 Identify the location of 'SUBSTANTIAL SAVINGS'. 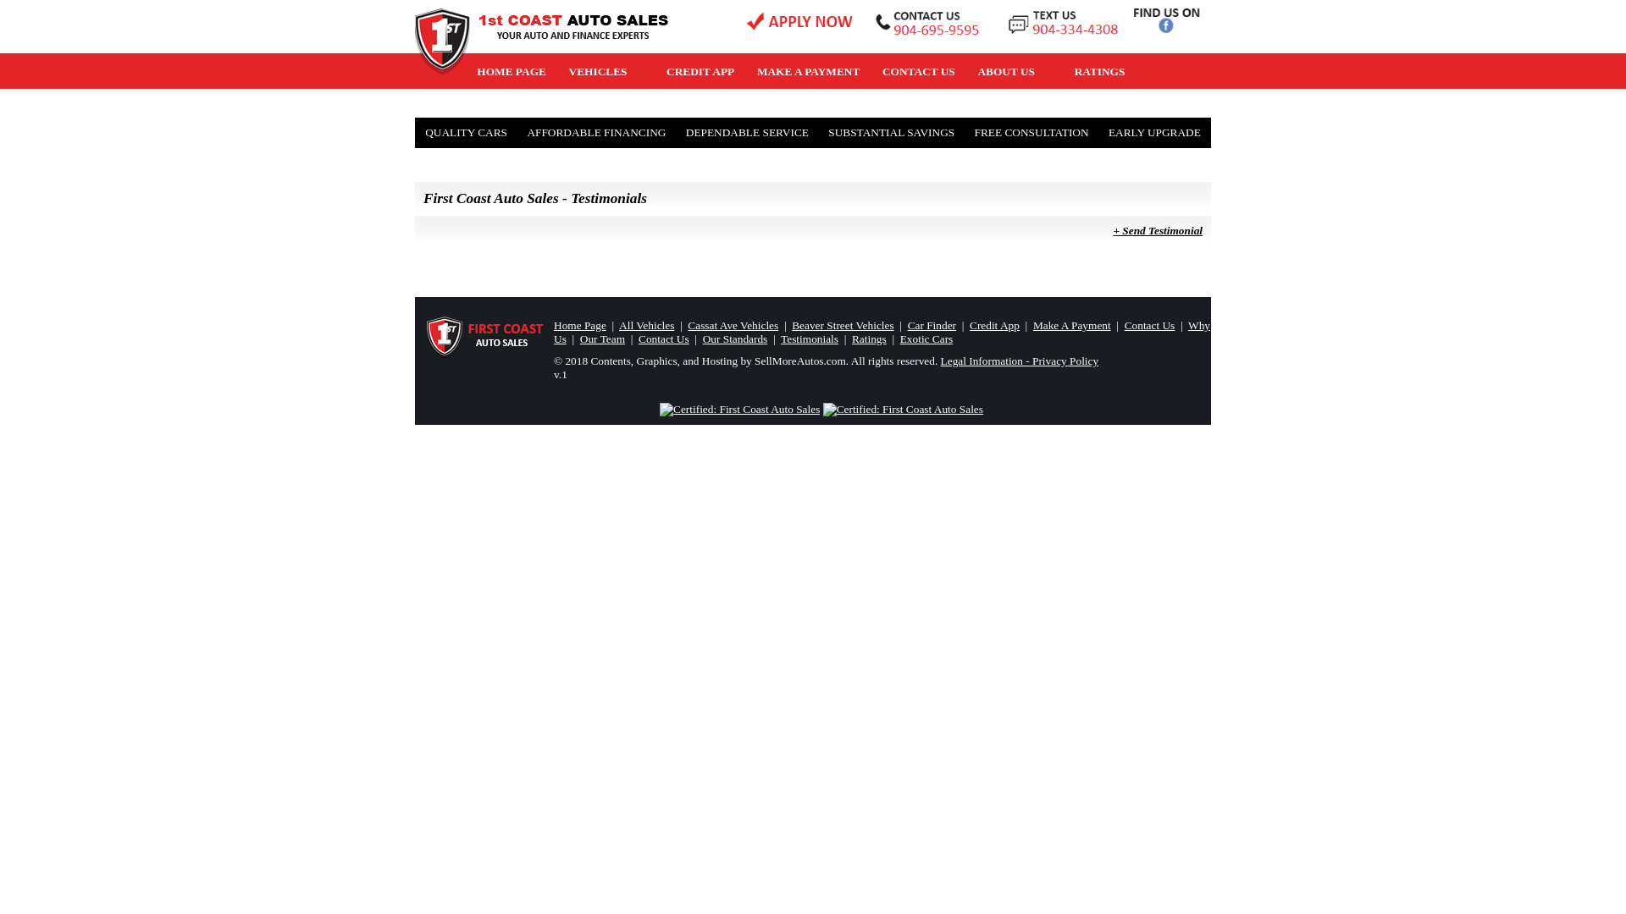
(890, 132).